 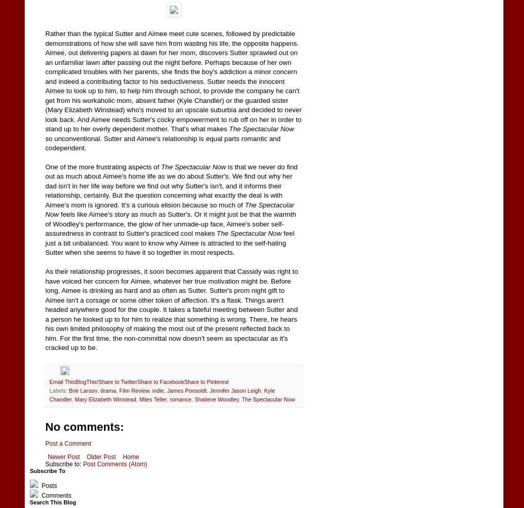 What do you see at coordinates (194, 398) in the screenshot?
I see `'Shailene Woodley'` at bounding box center [194, 398].